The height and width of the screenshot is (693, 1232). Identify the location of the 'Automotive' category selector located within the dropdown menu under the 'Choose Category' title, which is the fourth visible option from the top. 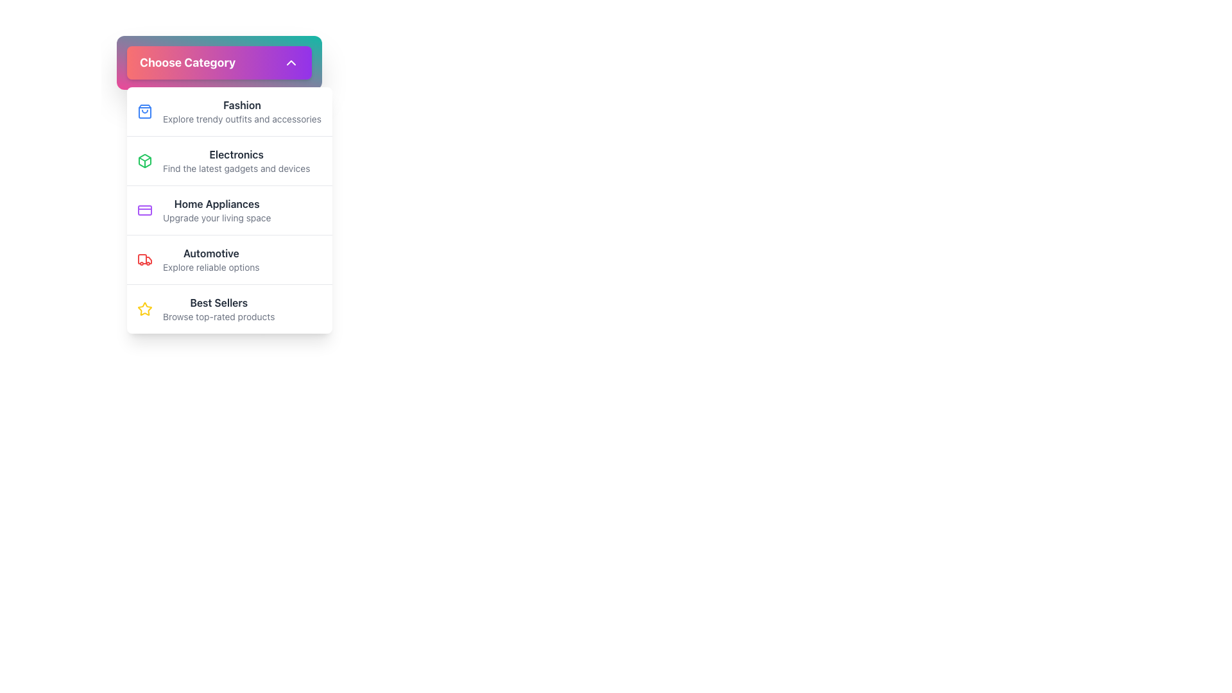
(211, 260).